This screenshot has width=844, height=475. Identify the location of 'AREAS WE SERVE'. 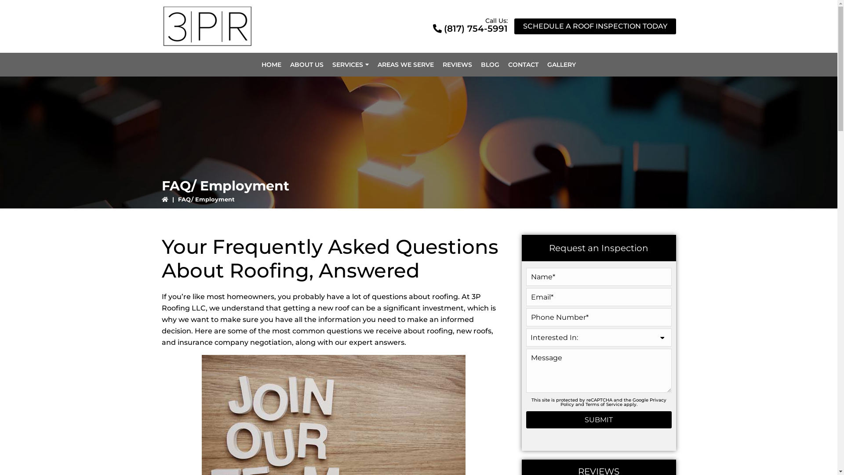
(405, 64).